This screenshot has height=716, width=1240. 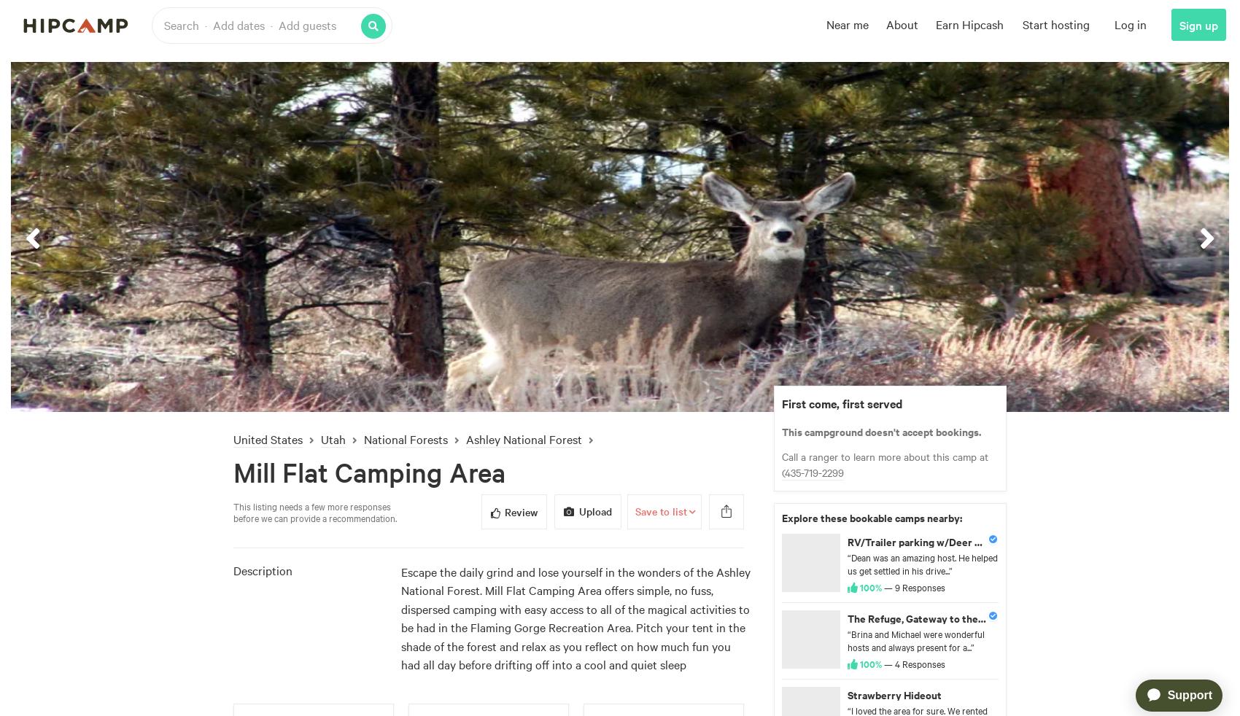 I want to click on 'Overview', so click(x=236, y=58).